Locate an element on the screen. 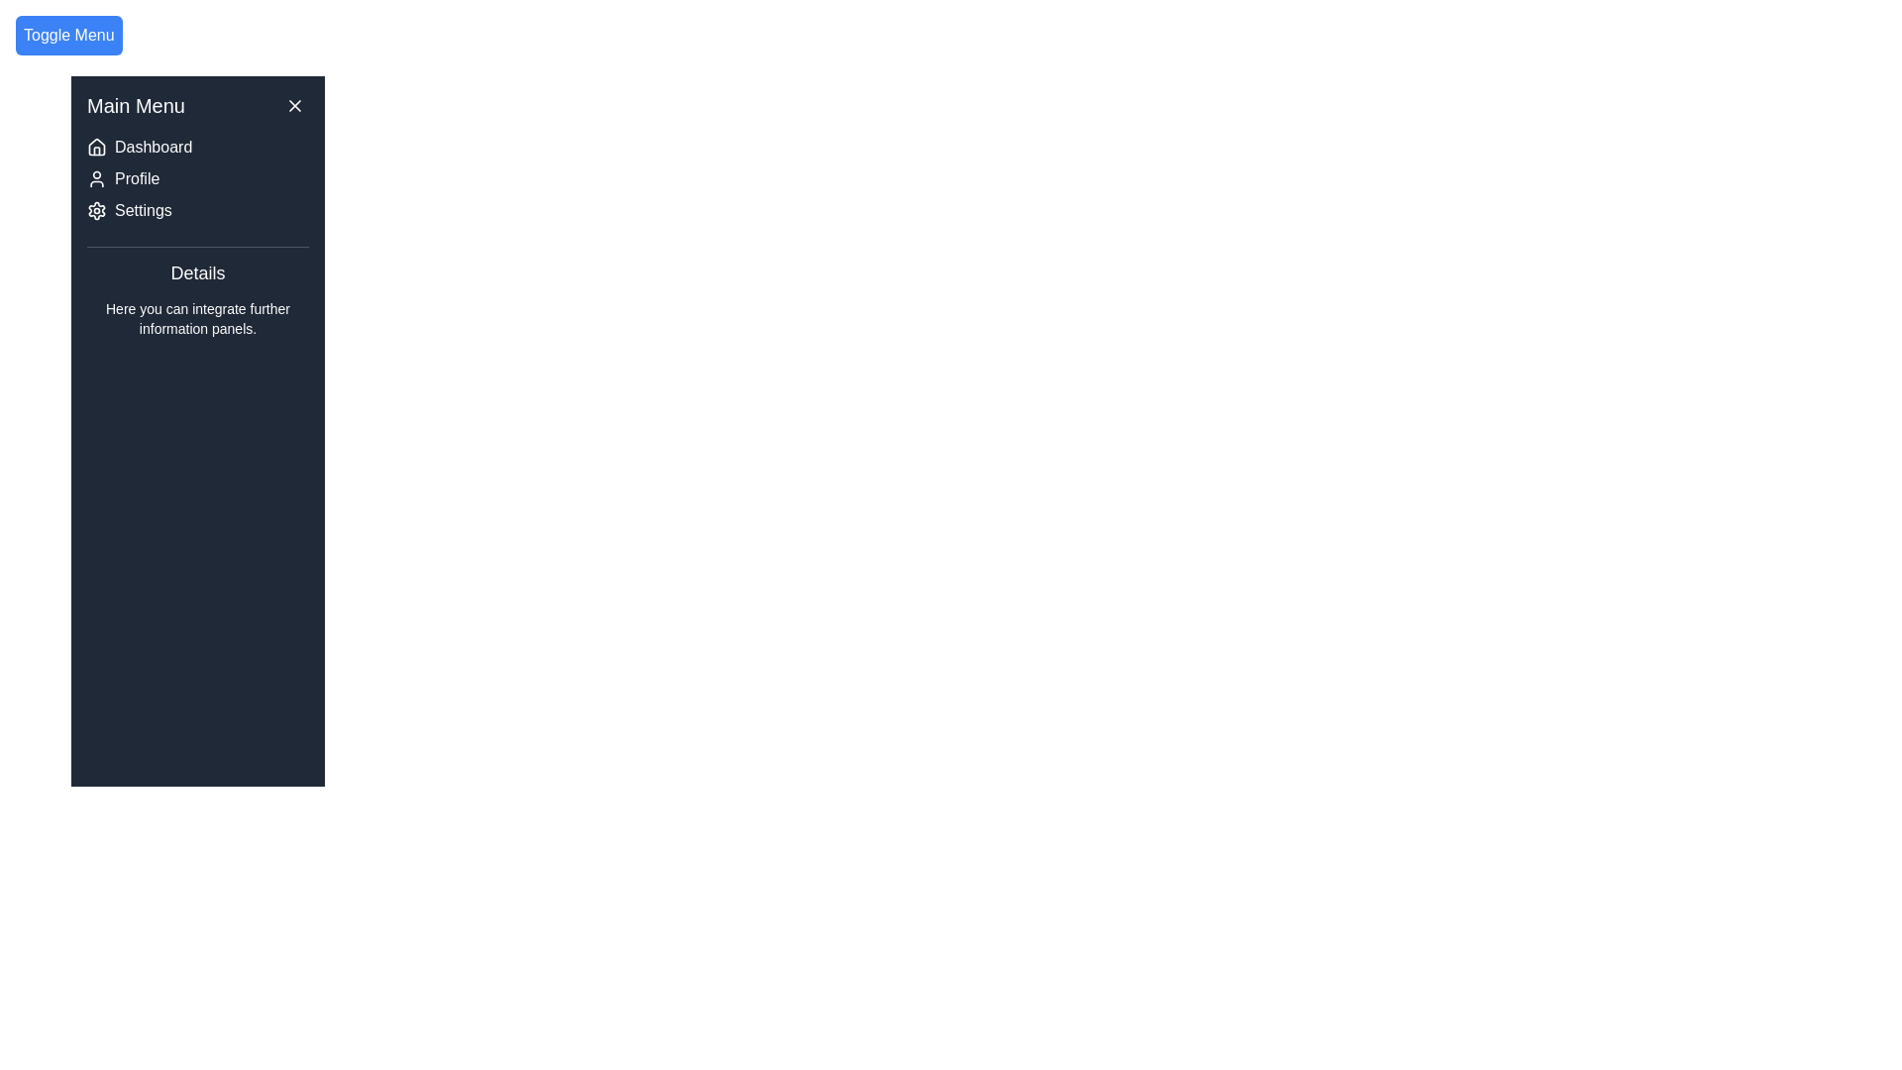 The height and width of the screenshot is (1070, 1902). the blue rectangular button labeled 'Toggle Menu' is located at coordinates (68, 35).